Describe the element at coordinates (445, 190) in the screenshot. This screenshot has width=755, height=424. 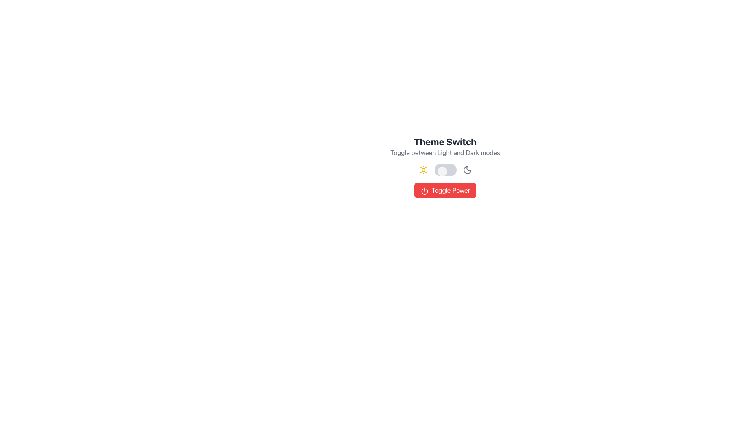
I see `the 'Toggle Power' button, which is a rectangular button with rounded corners, a red background, and white text, located centrally at the bottom of the interface` at that location.